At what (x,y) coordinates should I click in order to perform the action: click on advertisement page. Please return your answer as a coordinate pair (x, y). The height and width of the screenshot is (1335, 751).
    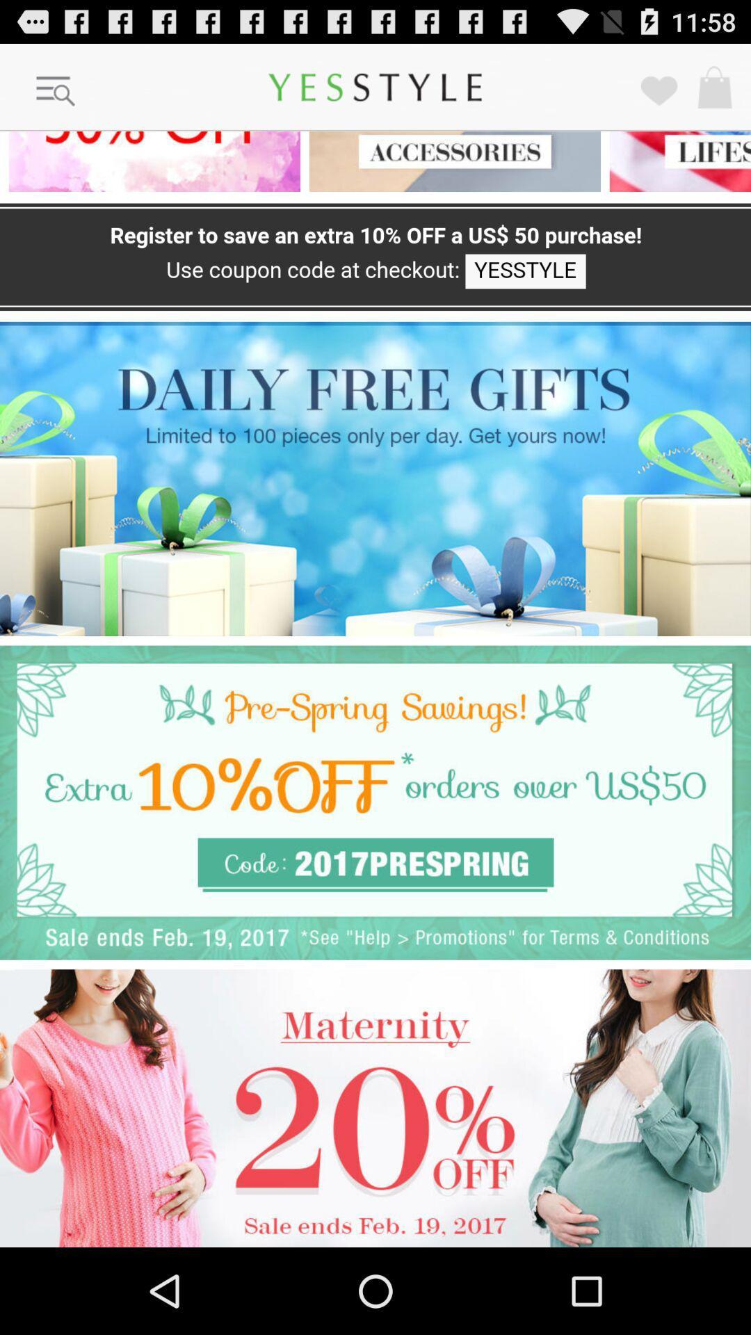
    Looking at the image, I should click on (375, 802).